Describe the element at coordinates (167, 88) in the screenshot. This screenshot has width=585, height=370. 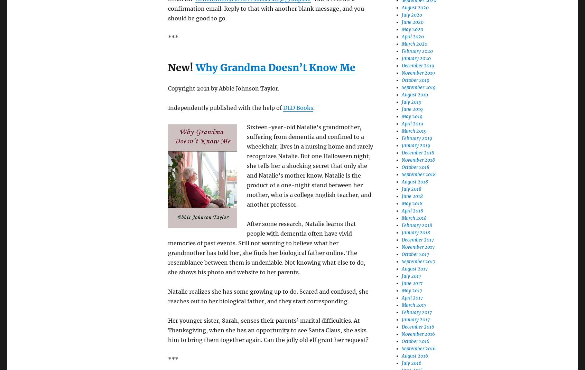
I see `'Copyright 2021 by Abbie Johnson Taylor.'` at that location.